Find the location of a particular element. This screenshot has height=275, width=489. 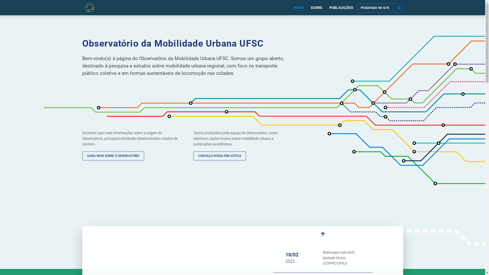

'SOBRE' is located at coordinates (316, 8).